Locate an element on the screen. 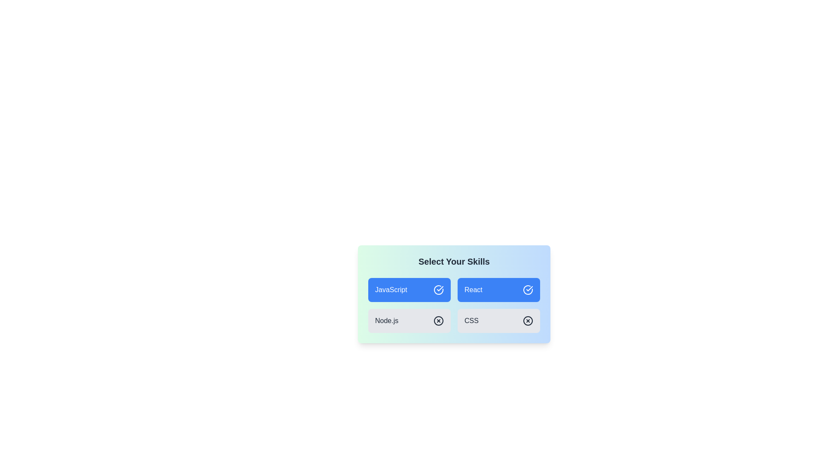 This screenshot has width=825, height=464. the skill item JavaScript by clicking on it is located at coordinates (409, 290).